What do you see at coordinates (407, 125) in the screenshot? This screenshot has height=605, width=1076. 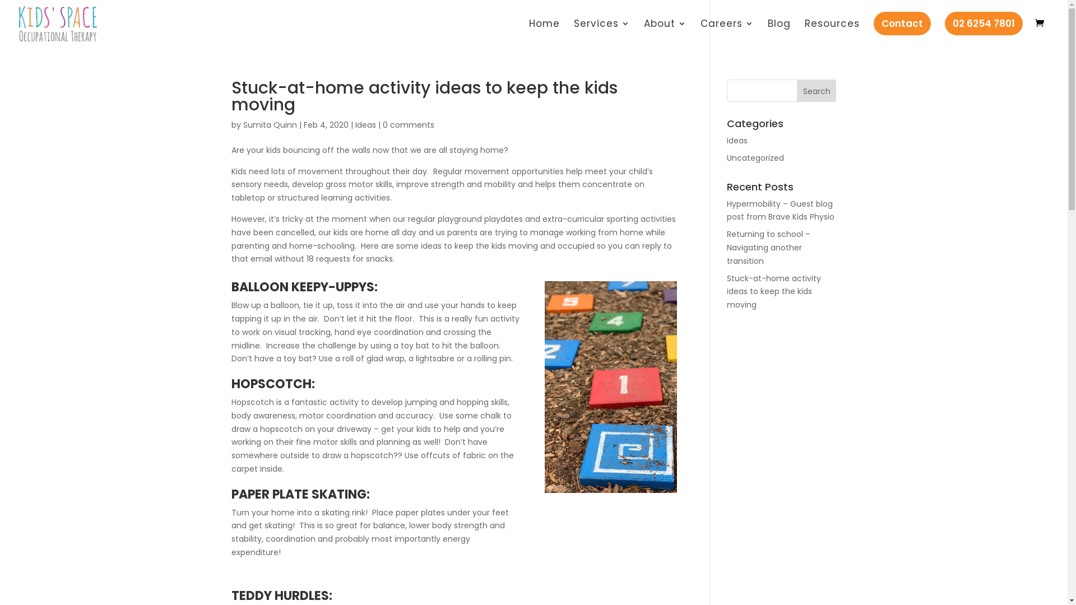 I see `'0 comments'` at bounding box center [407, 125].